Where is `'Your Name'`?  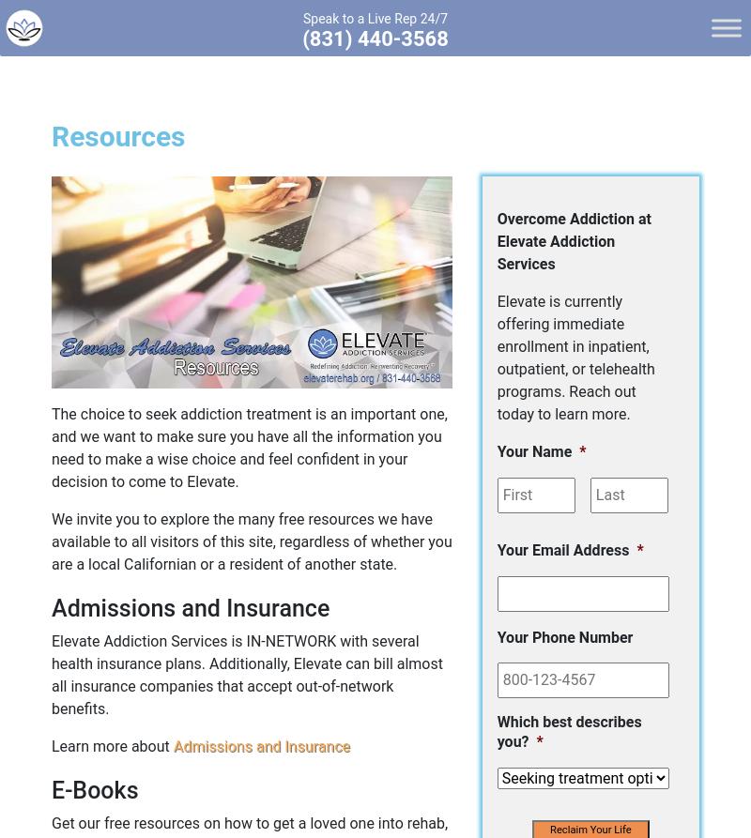 'Your Name' is located at coordinates (532, 450).